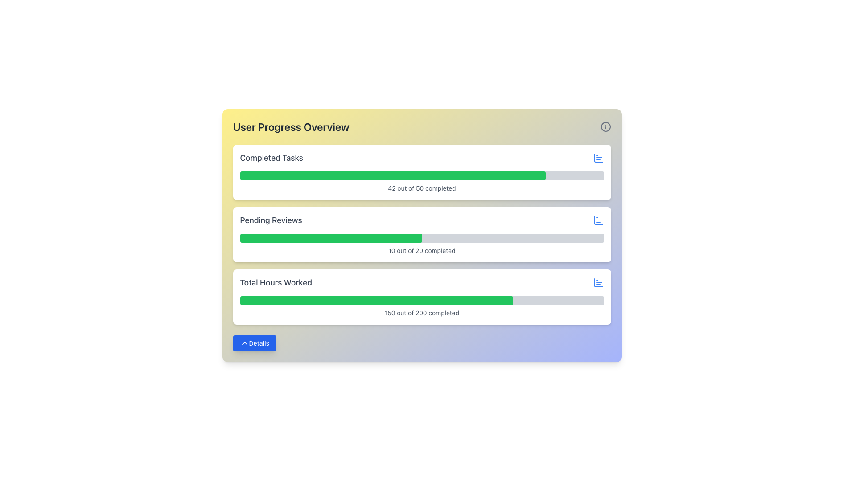  I want to click on the small upward-pointing chevron icon located within the 'Details' button at the bottom-left corner of the interface, so click(244, 343).